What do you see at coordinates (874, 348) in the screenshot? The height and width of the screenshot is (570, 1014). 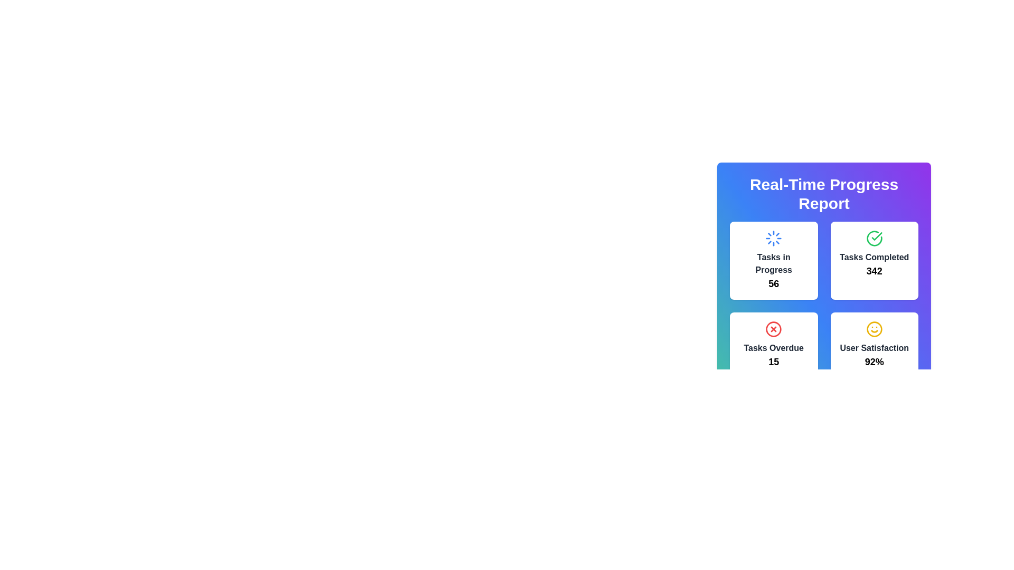 I see `the 'User Satisfaction' text label, which is styled in bold gray font and located on the bottom-right card of a four-card grid layout, positioned beneath a smiley face icon and above the text '92%'` at bounding box center [874, 348].